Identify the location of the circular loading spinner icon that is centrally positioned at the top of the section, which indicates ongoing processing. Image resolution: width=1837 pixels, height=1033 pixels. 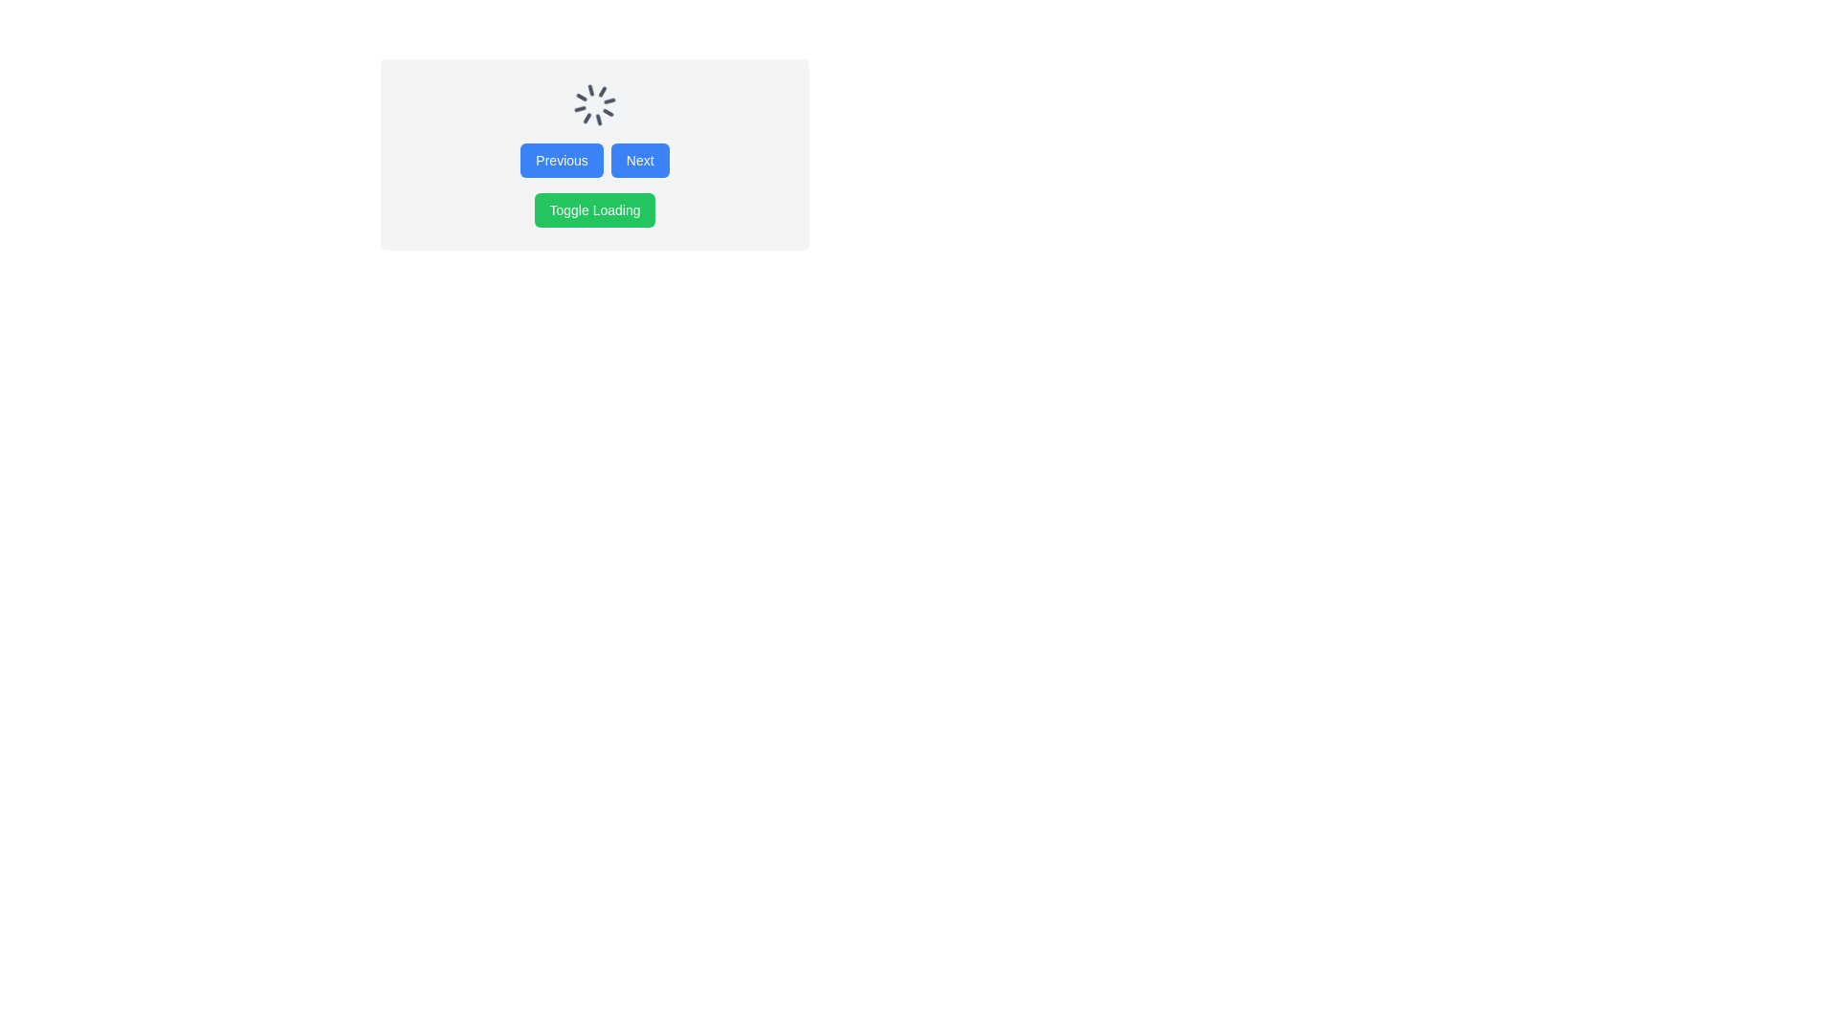
(594, 105).